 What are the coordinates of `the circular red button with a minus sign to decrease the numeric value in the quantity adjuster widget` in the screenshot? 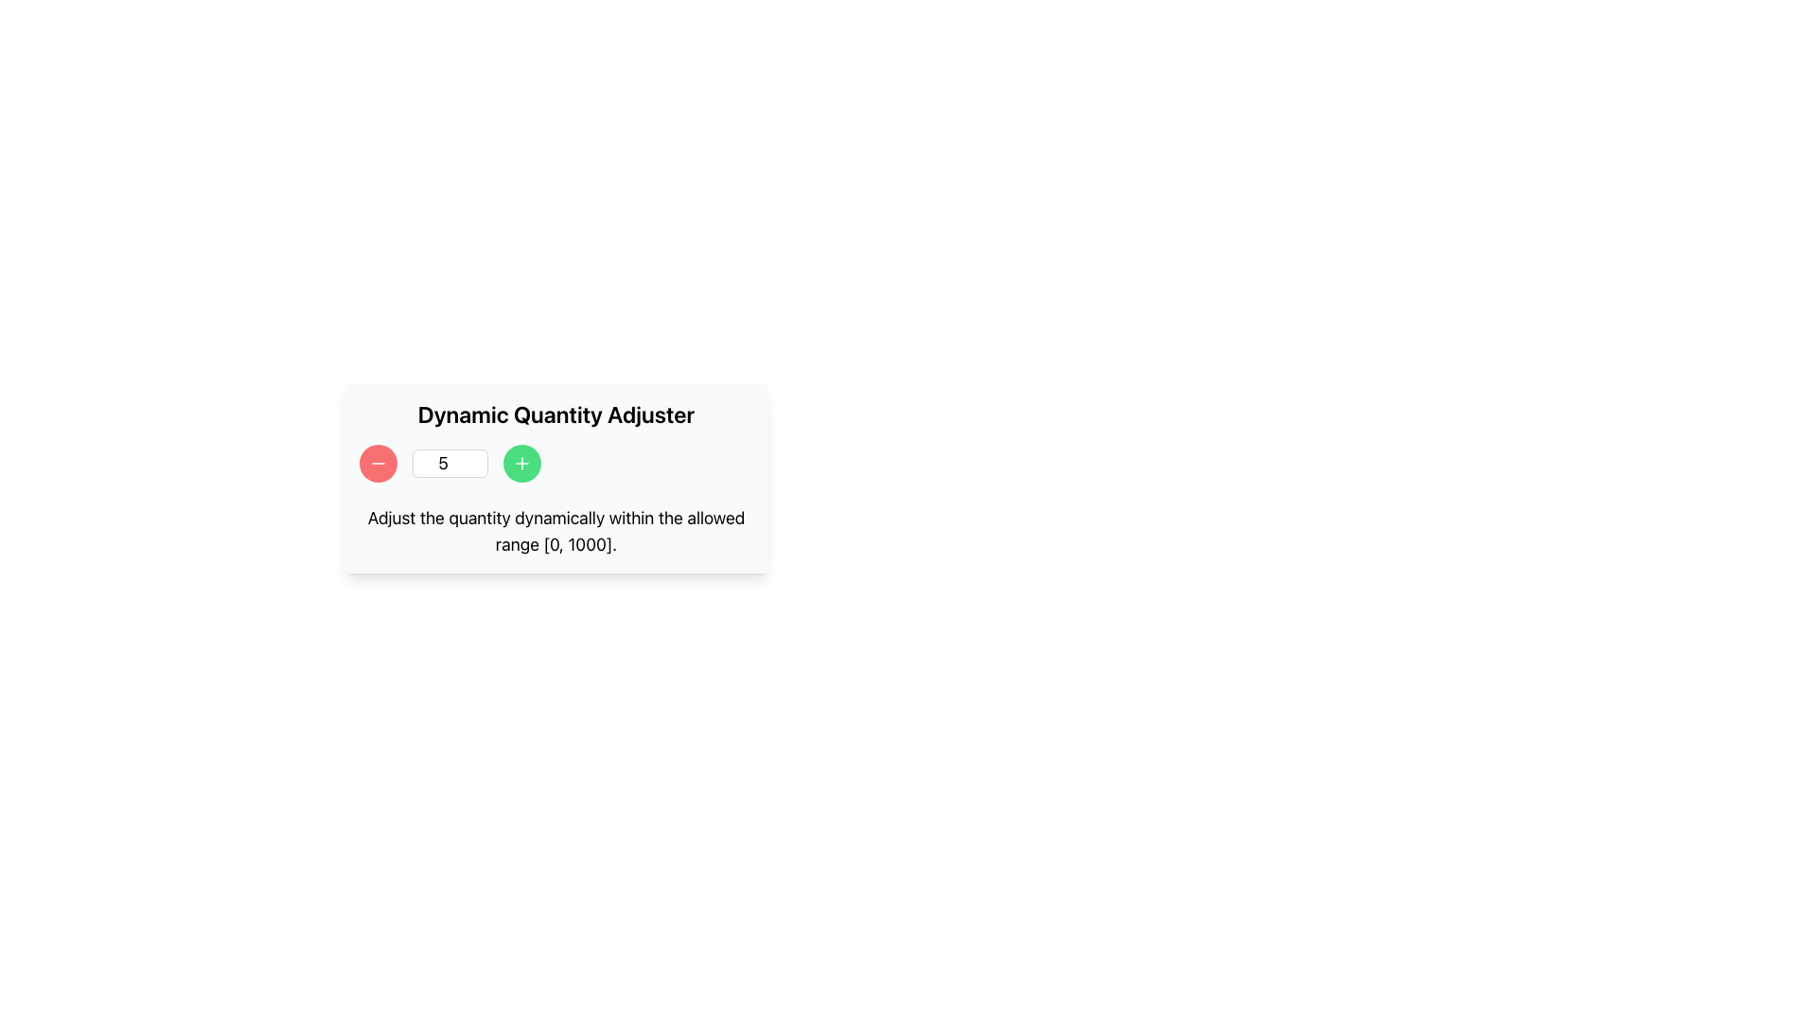 It's located at (378, 463).